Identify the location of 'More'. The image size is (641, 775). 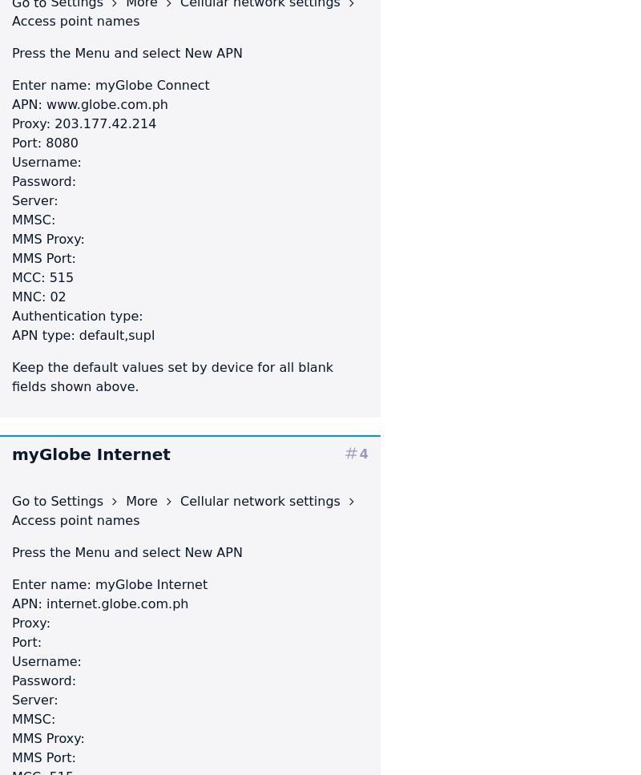
(140, 501).